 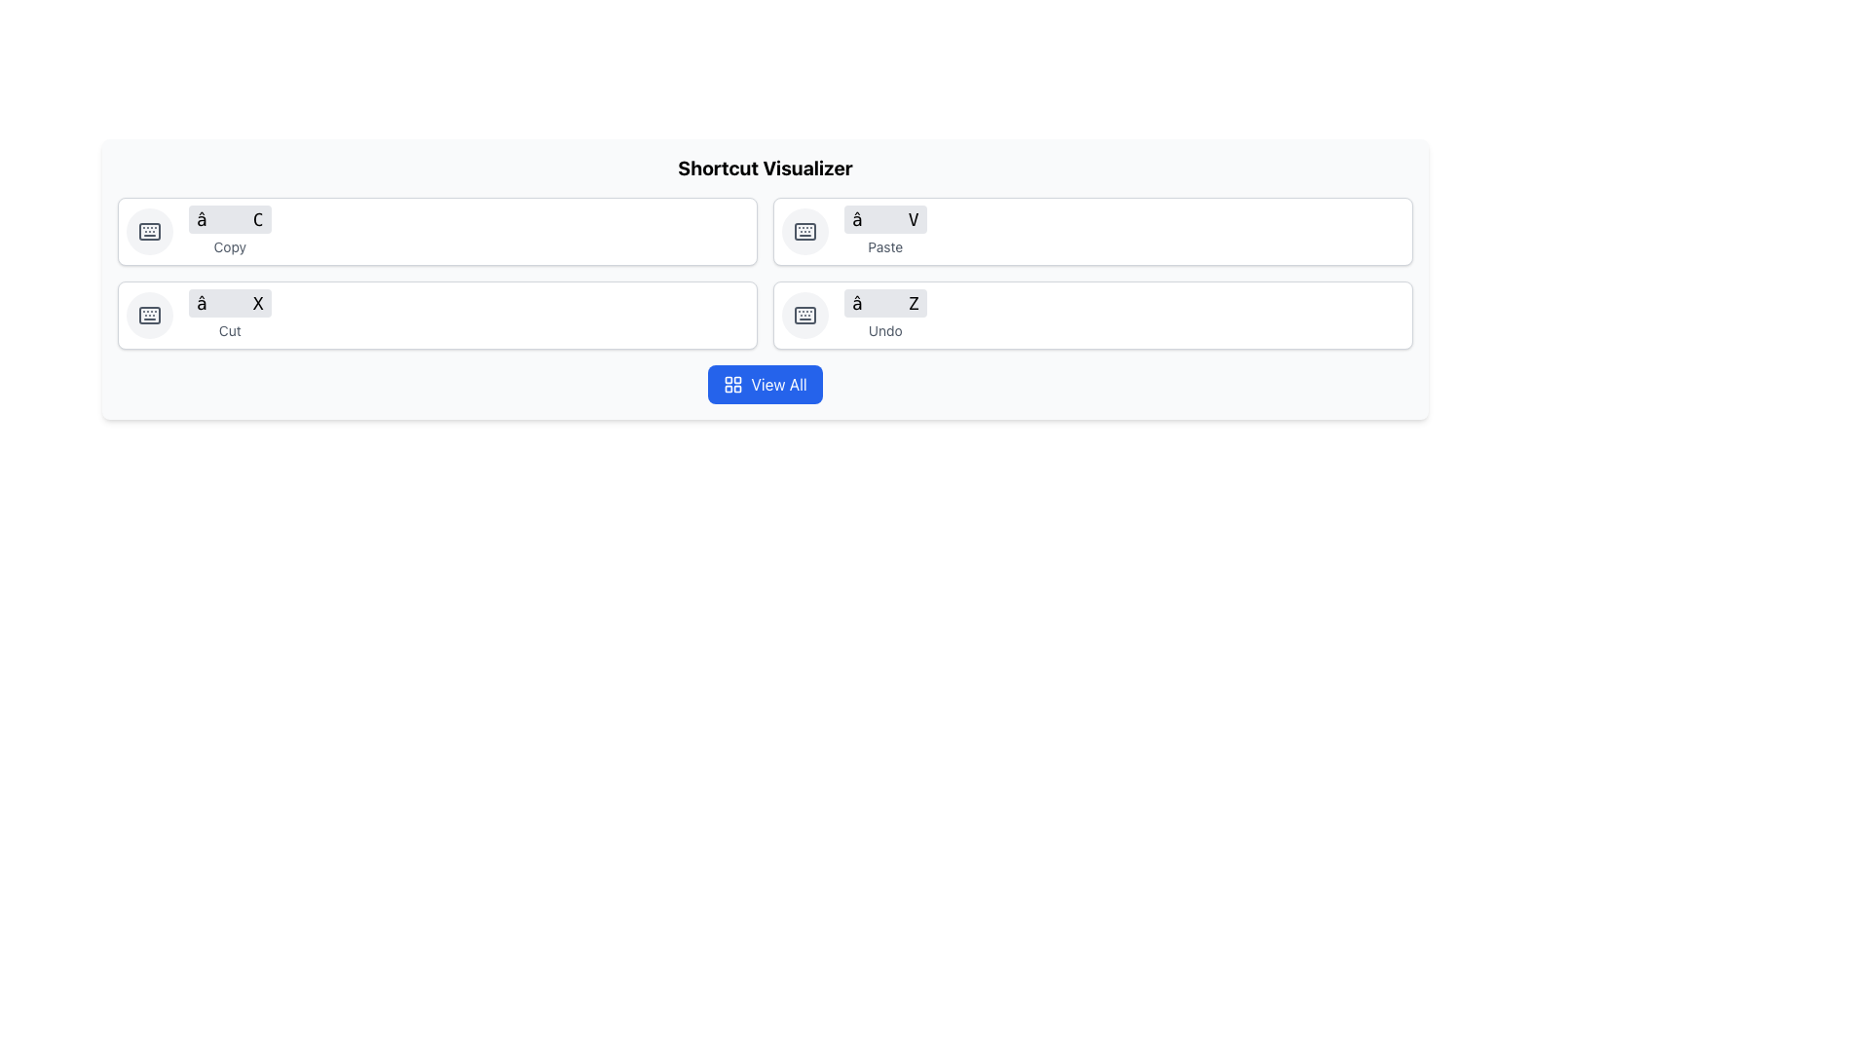 I want to click on the static text label that describes the keyboard shortcut 'Cut' located below the shortcut indicator '⌘ X' in the second row of the shortcut visualizer interface, so click(x=230, y=329).